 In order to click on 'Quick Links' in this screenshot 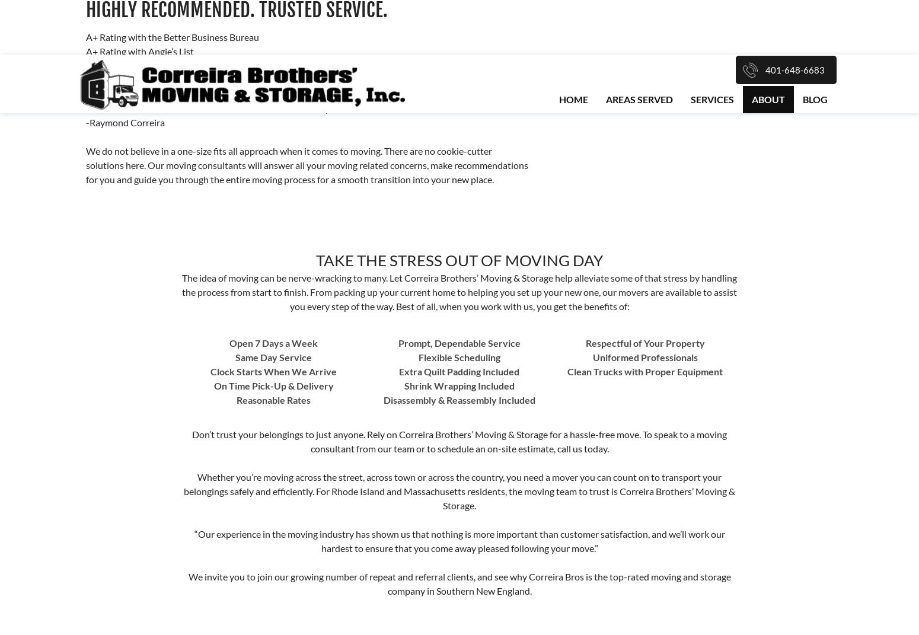, I will do `click(468, 181)`.